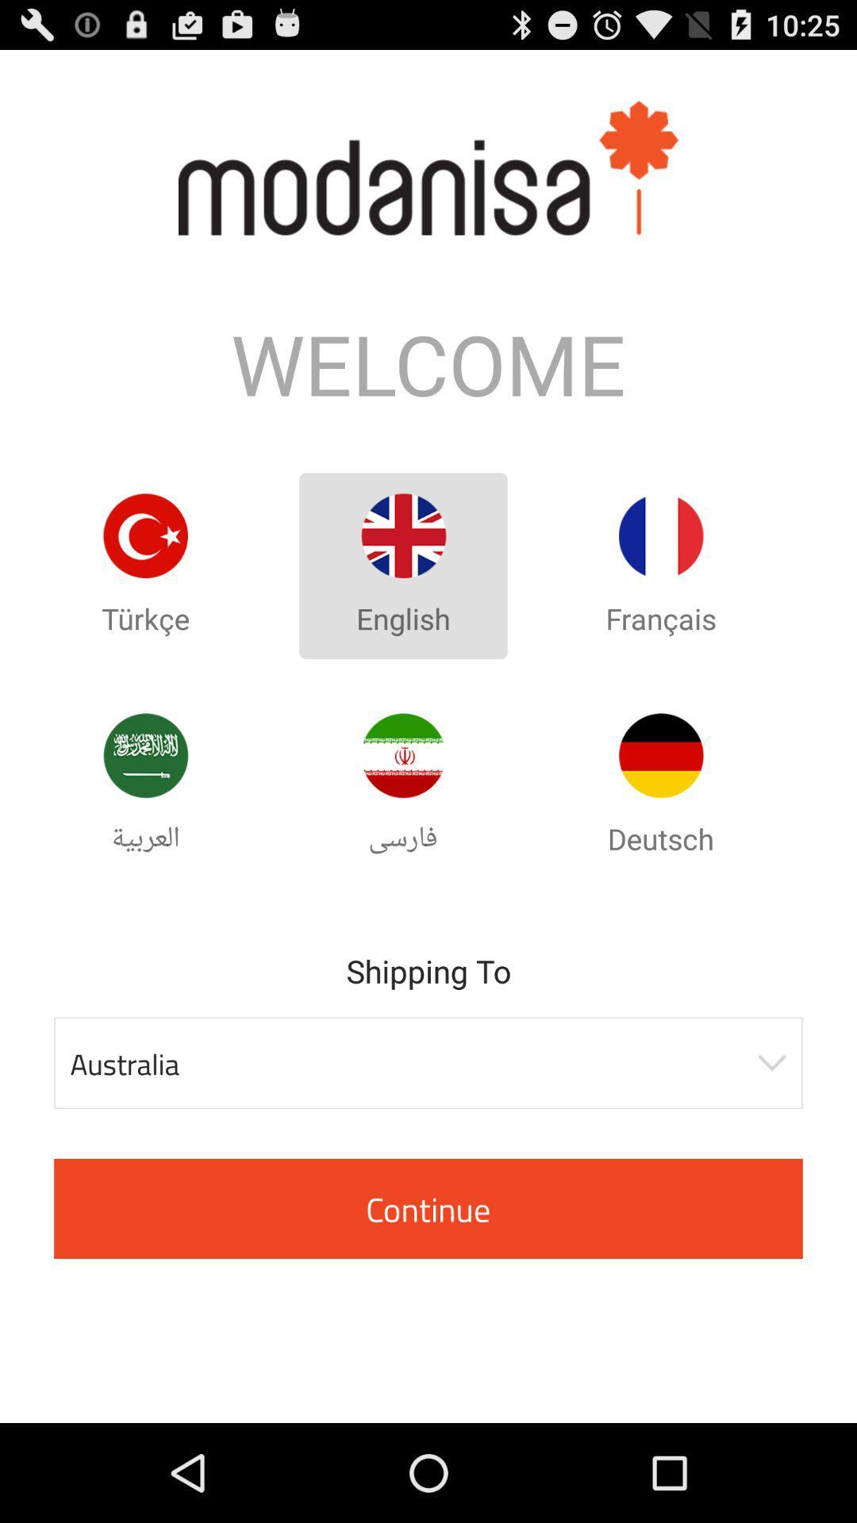  I want to click on australia item, so click(428, 1063).